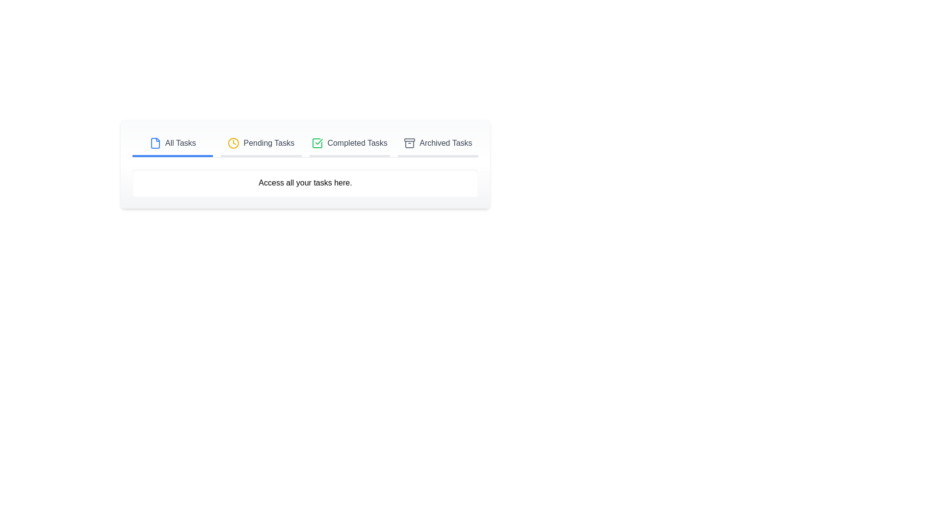  Describe the element at coordinates (172, 144) in the screenshot. I see `the tab corresponding to All Tasks` at that location.